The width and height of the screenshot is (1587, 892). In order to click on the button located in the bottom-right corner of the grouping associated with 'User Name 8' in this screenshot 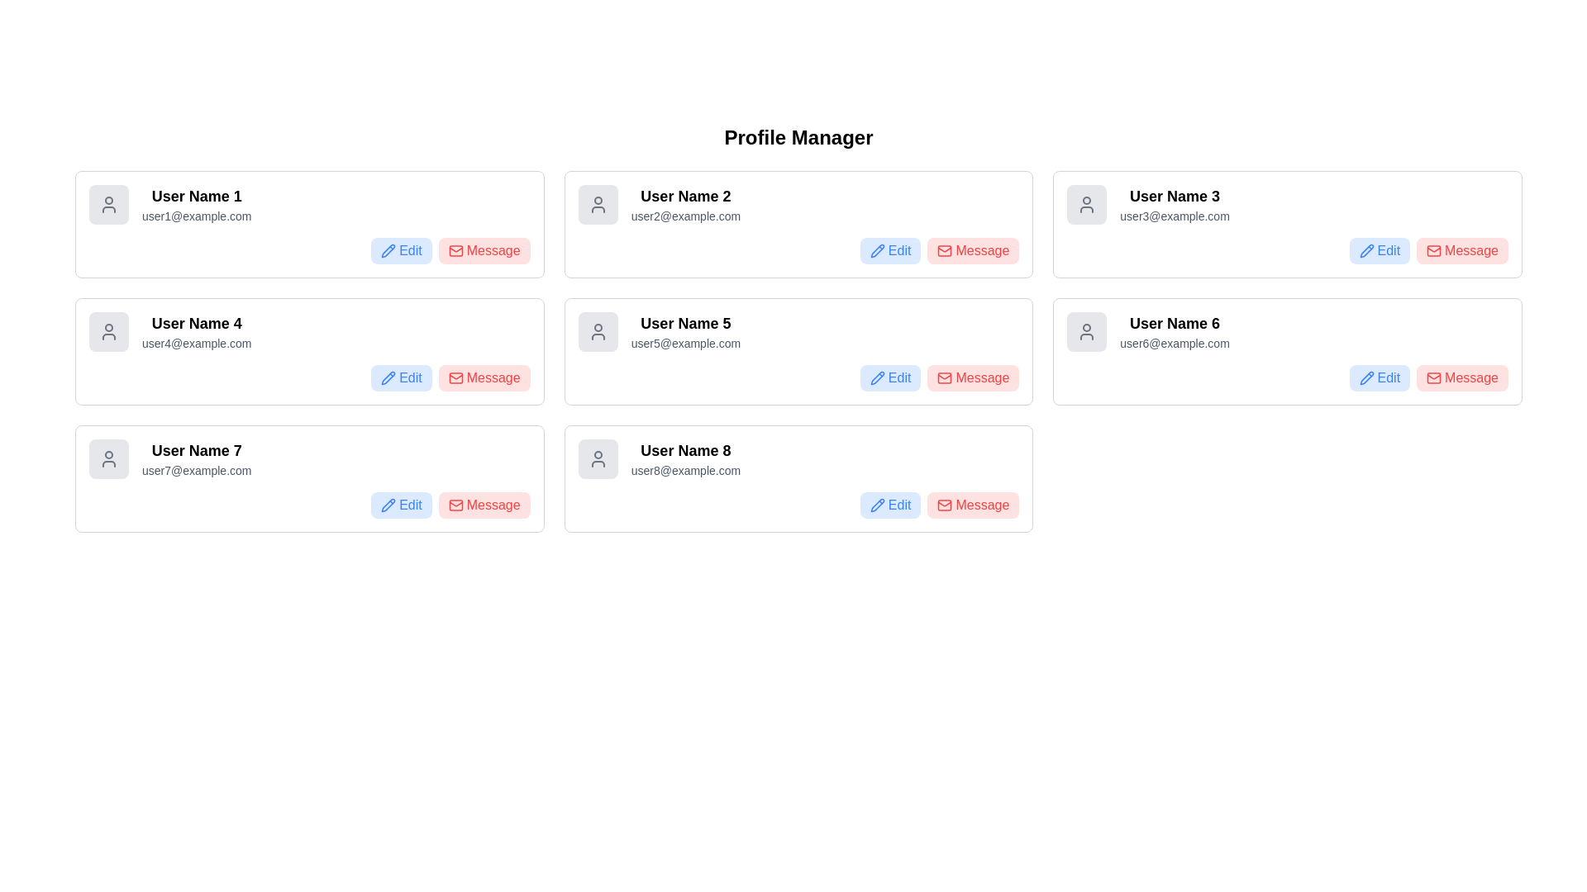, I will do `click(889, 505)`.